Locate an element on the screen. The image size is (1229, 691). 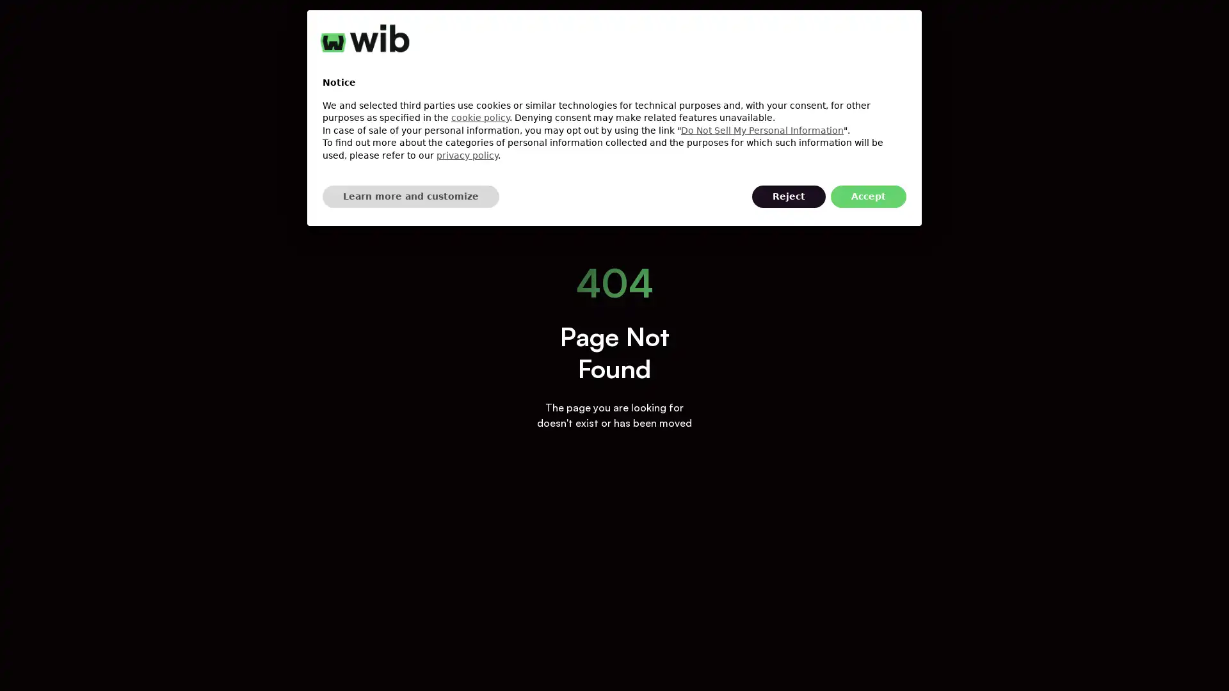
Reject is located at coordinates (788, 196).